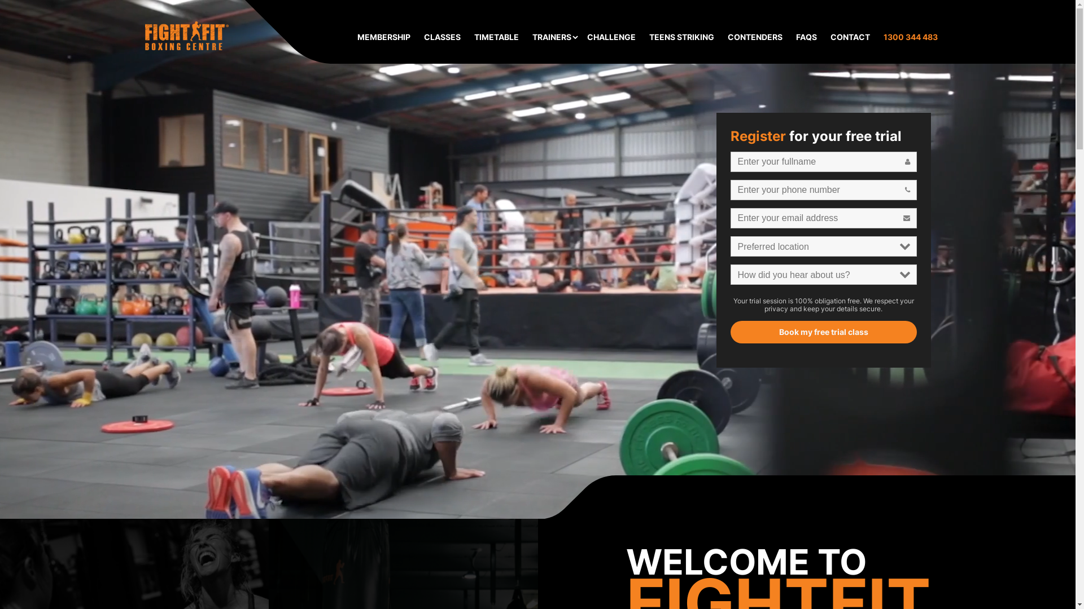 This screenshot has width=1084, height=609. What do you see at coordinates (731, 332) in the screenshot?
I see `'Book my free trial class'` at bounding box center [731, 332].